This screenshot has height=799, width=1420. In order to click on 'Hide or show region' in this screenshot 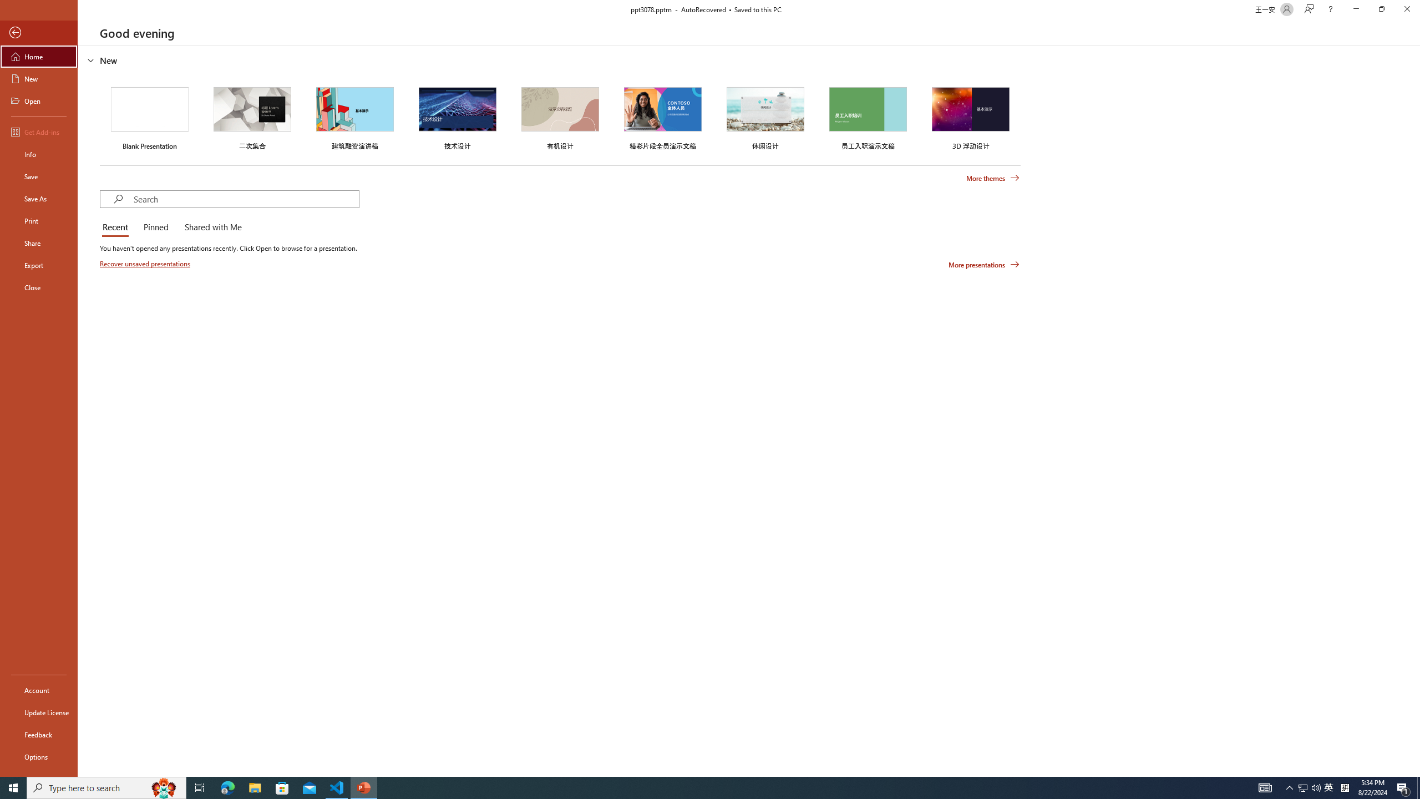, I will do `click(90, 59)`.